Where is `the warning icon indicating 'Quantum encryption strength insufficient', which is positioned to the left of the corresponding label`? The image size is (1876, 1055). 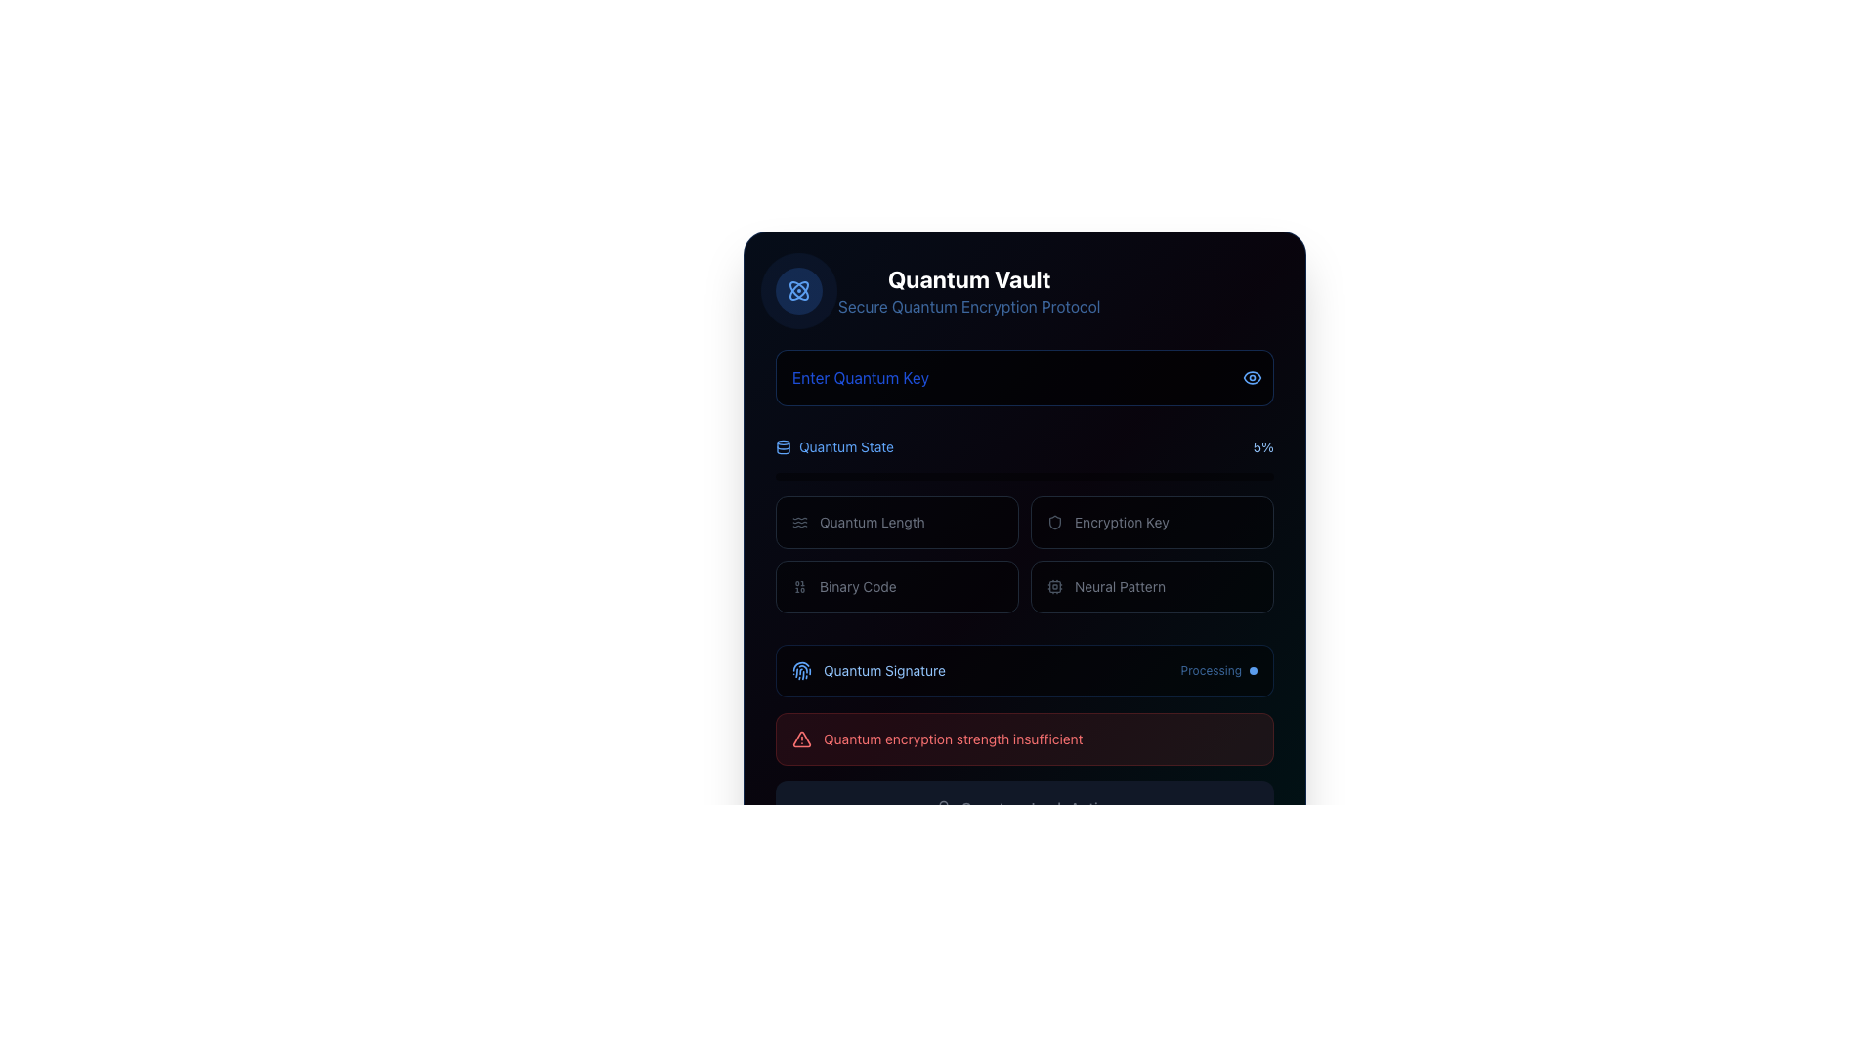 the warning icon indicating 'Quantum encryption strength insufficient', which is positioned to the left of the corresponding label is located at coordinates (801, 738).